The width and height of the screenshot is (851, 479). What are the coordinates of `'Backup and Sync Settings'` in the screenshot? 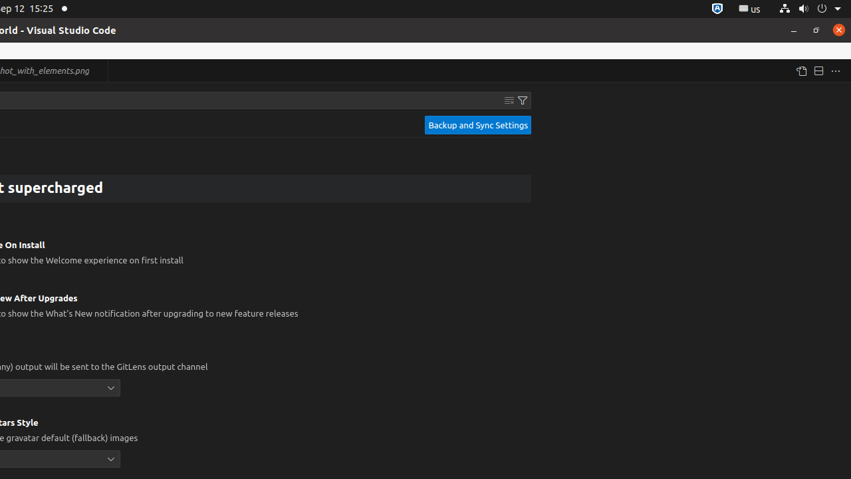 It's located at (477, 124).